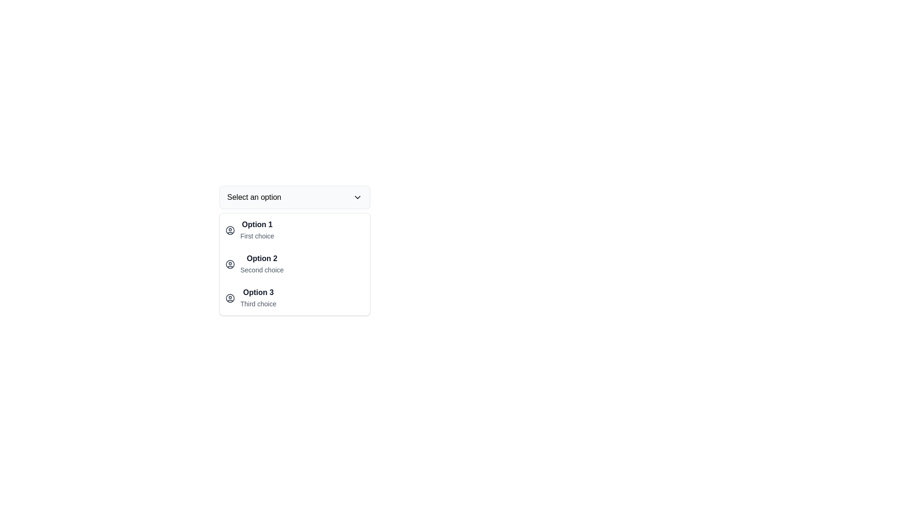 Image resolution: width=906 pixels, height=509 pixels. What do you see at coordinates (262, 258) in the screenshot?
I see `the text label that states 'Option 2'` at bounding box center [262, 258].